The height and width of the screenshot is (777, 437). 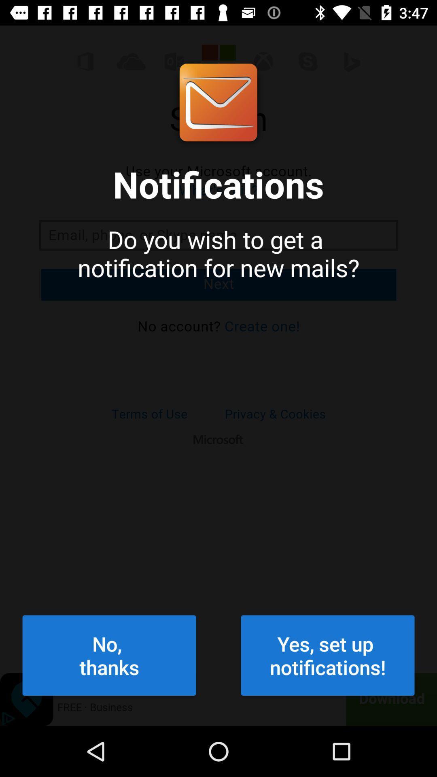 I want to click on the icon to the left of yes set up, so click(x=109, y=655).